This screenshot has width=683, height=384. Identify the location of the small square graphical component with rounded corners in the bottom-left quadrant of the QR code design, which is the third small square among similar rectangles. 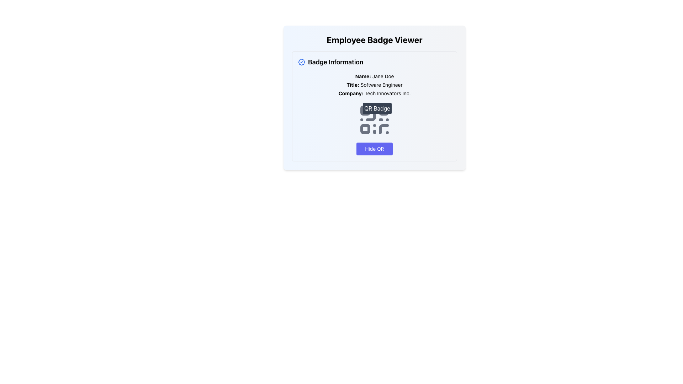
(365, 129).